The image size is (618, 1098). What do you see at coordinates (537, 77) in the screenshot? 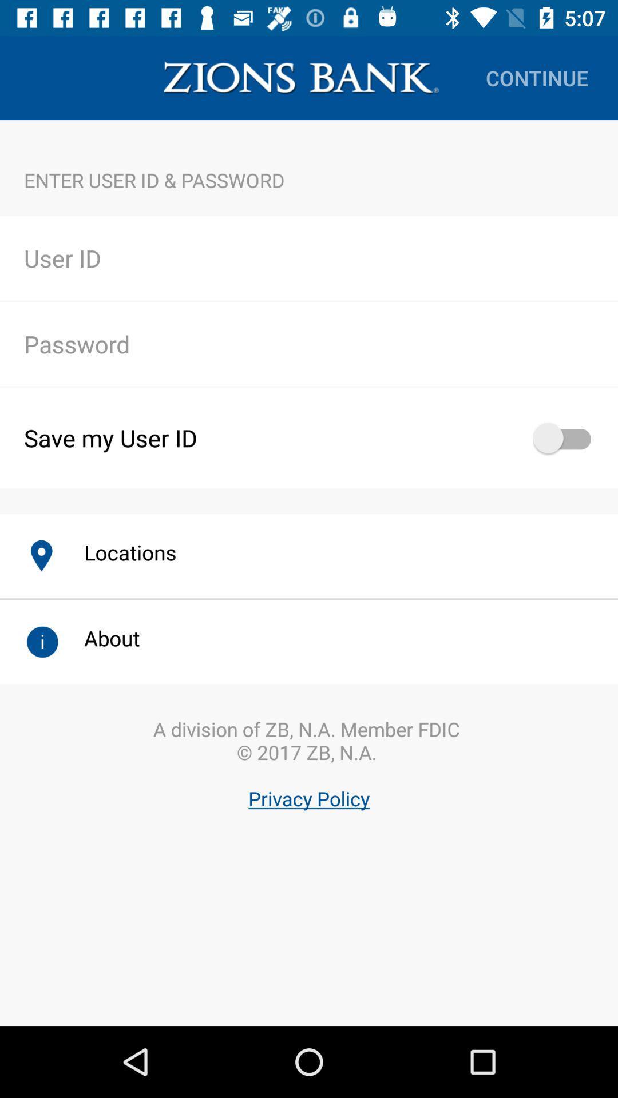
I see `the continue` at bounding box center [537, 77].